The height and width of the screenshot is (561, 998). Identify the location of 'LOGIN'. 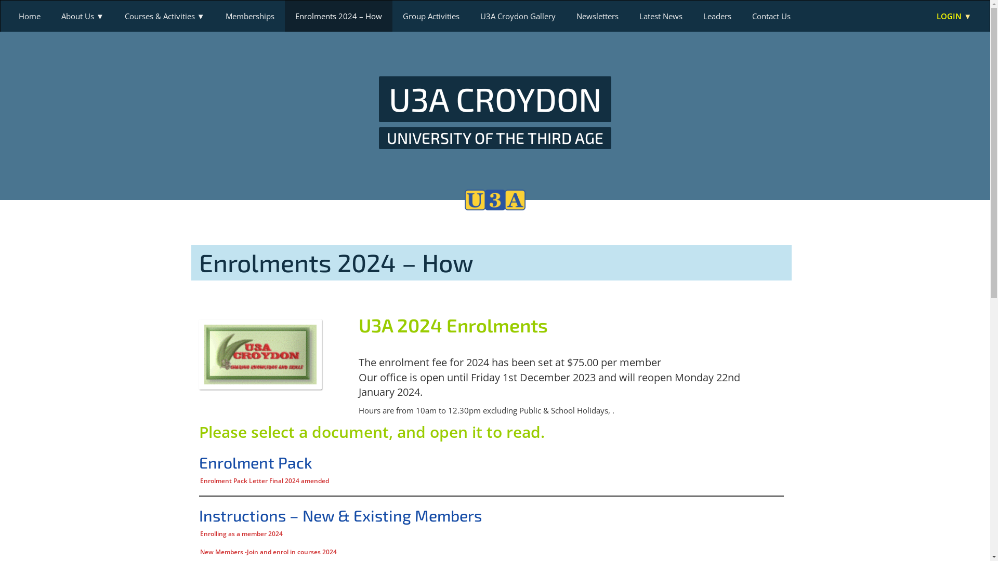
(954, 16).